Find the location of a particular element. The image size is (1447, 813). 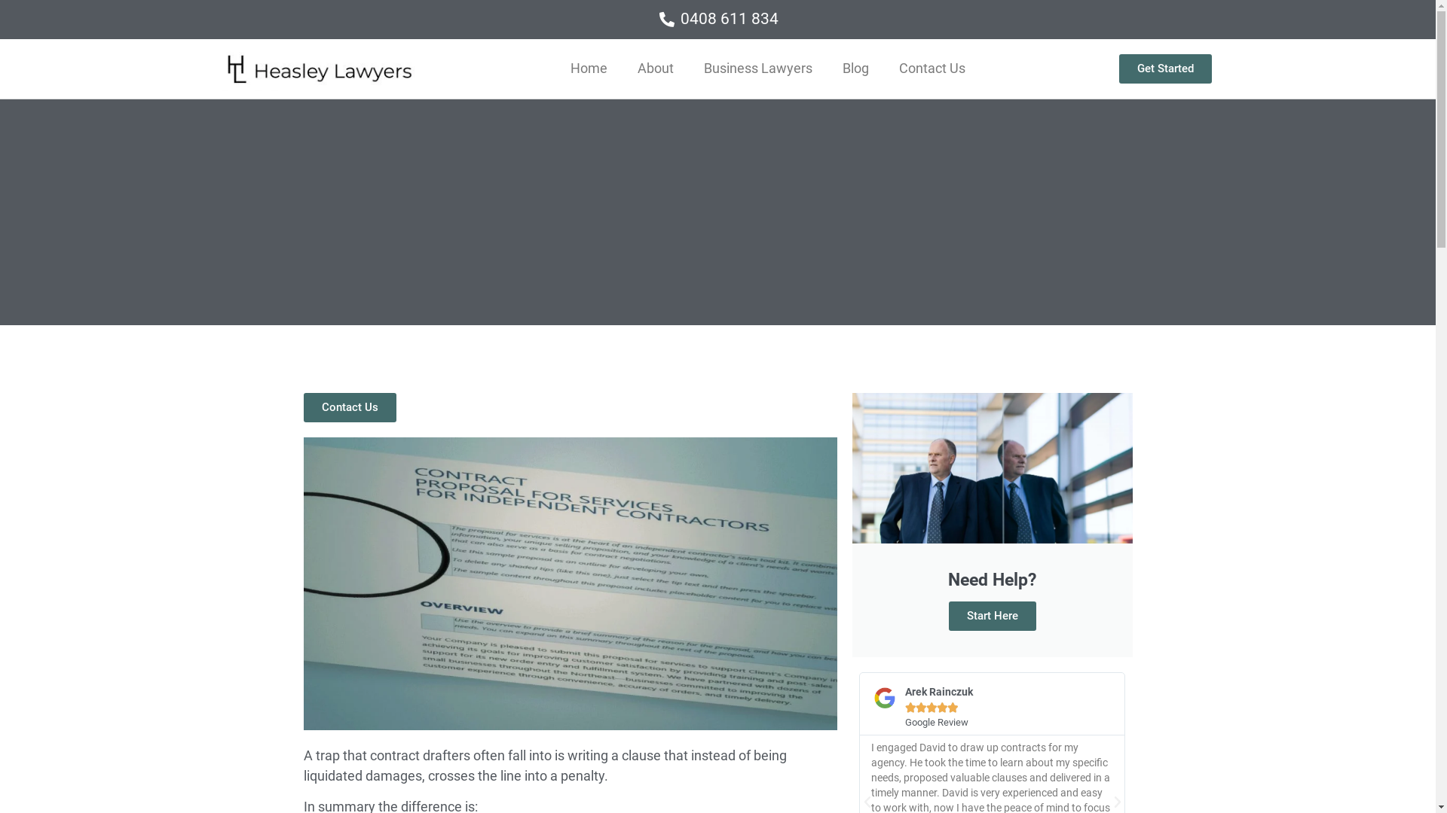

'0408 611 834' is located at coordinates (716, 20).